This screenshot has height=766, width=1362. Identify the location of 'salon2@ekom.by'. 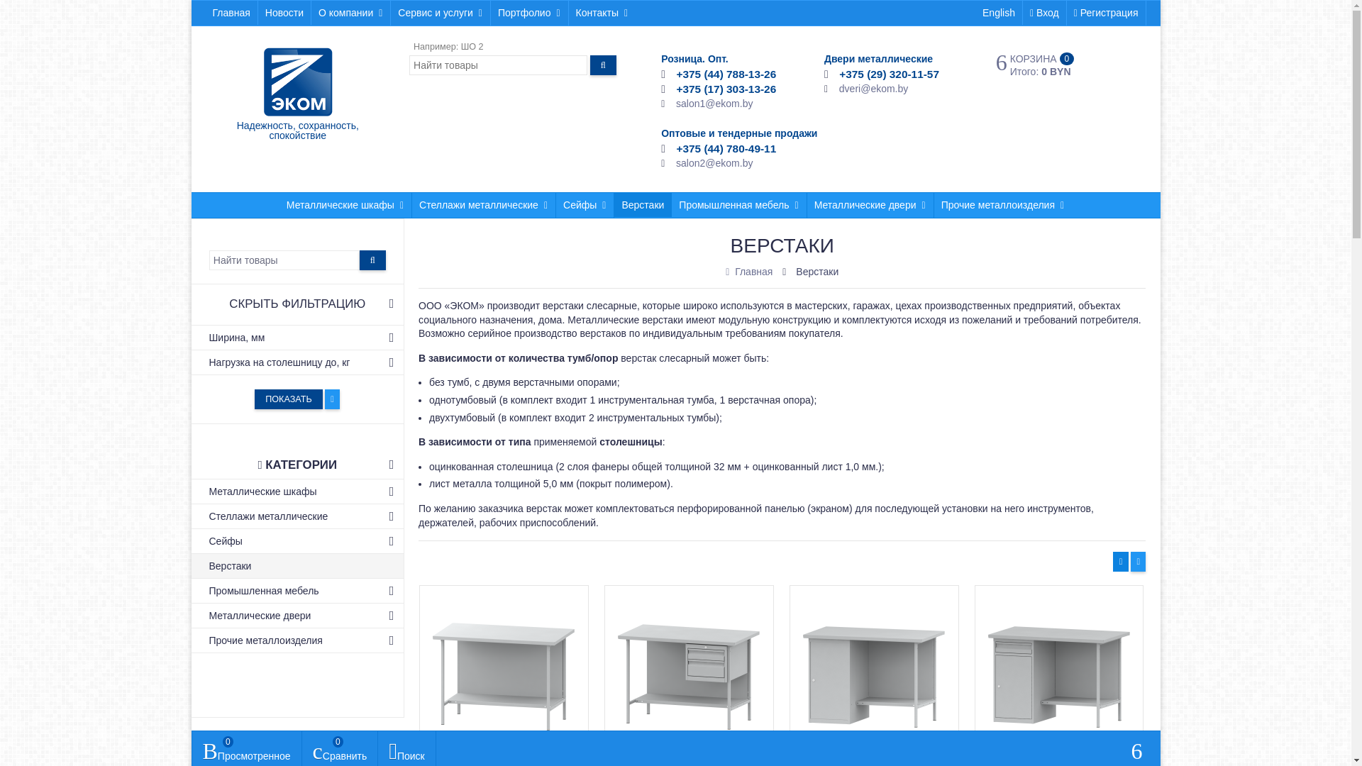
(714, 162).